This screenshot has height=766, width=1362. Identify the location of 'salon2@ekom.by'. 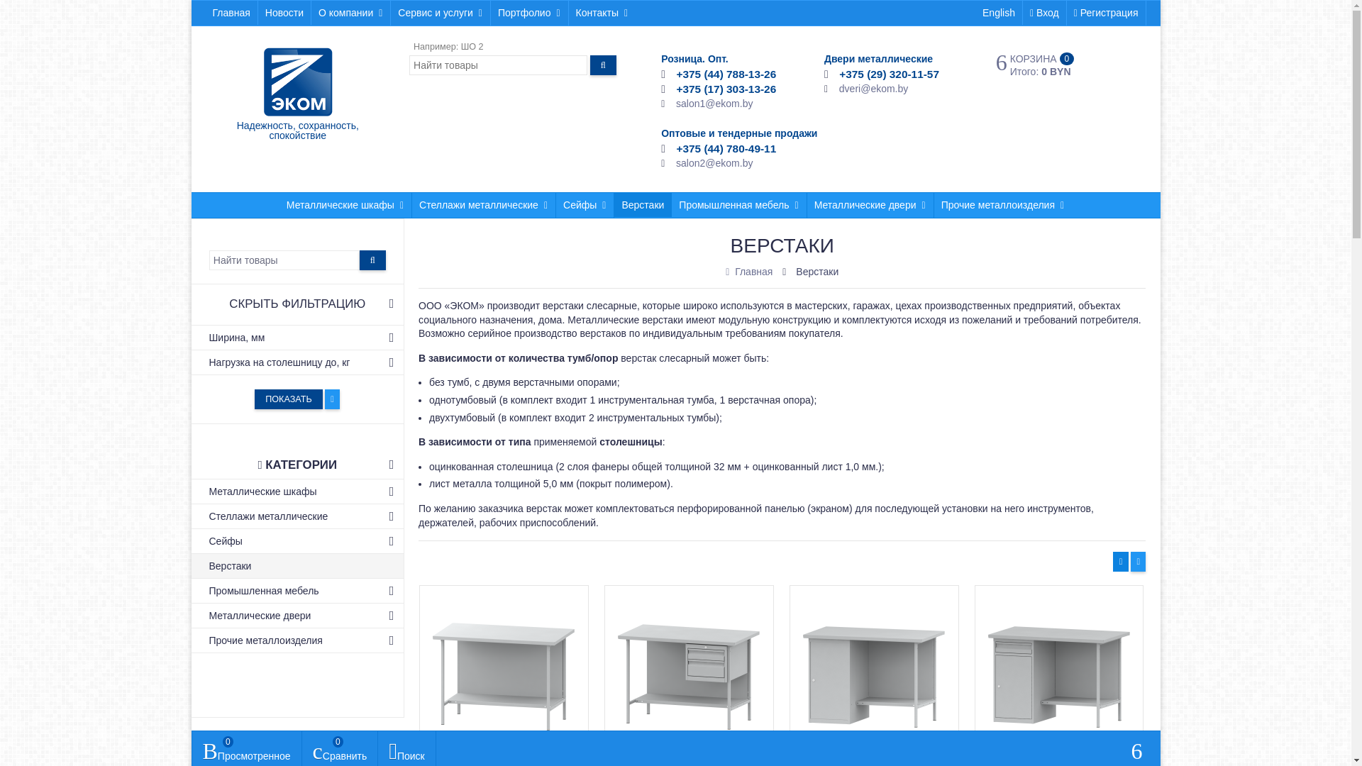
(714, 162).